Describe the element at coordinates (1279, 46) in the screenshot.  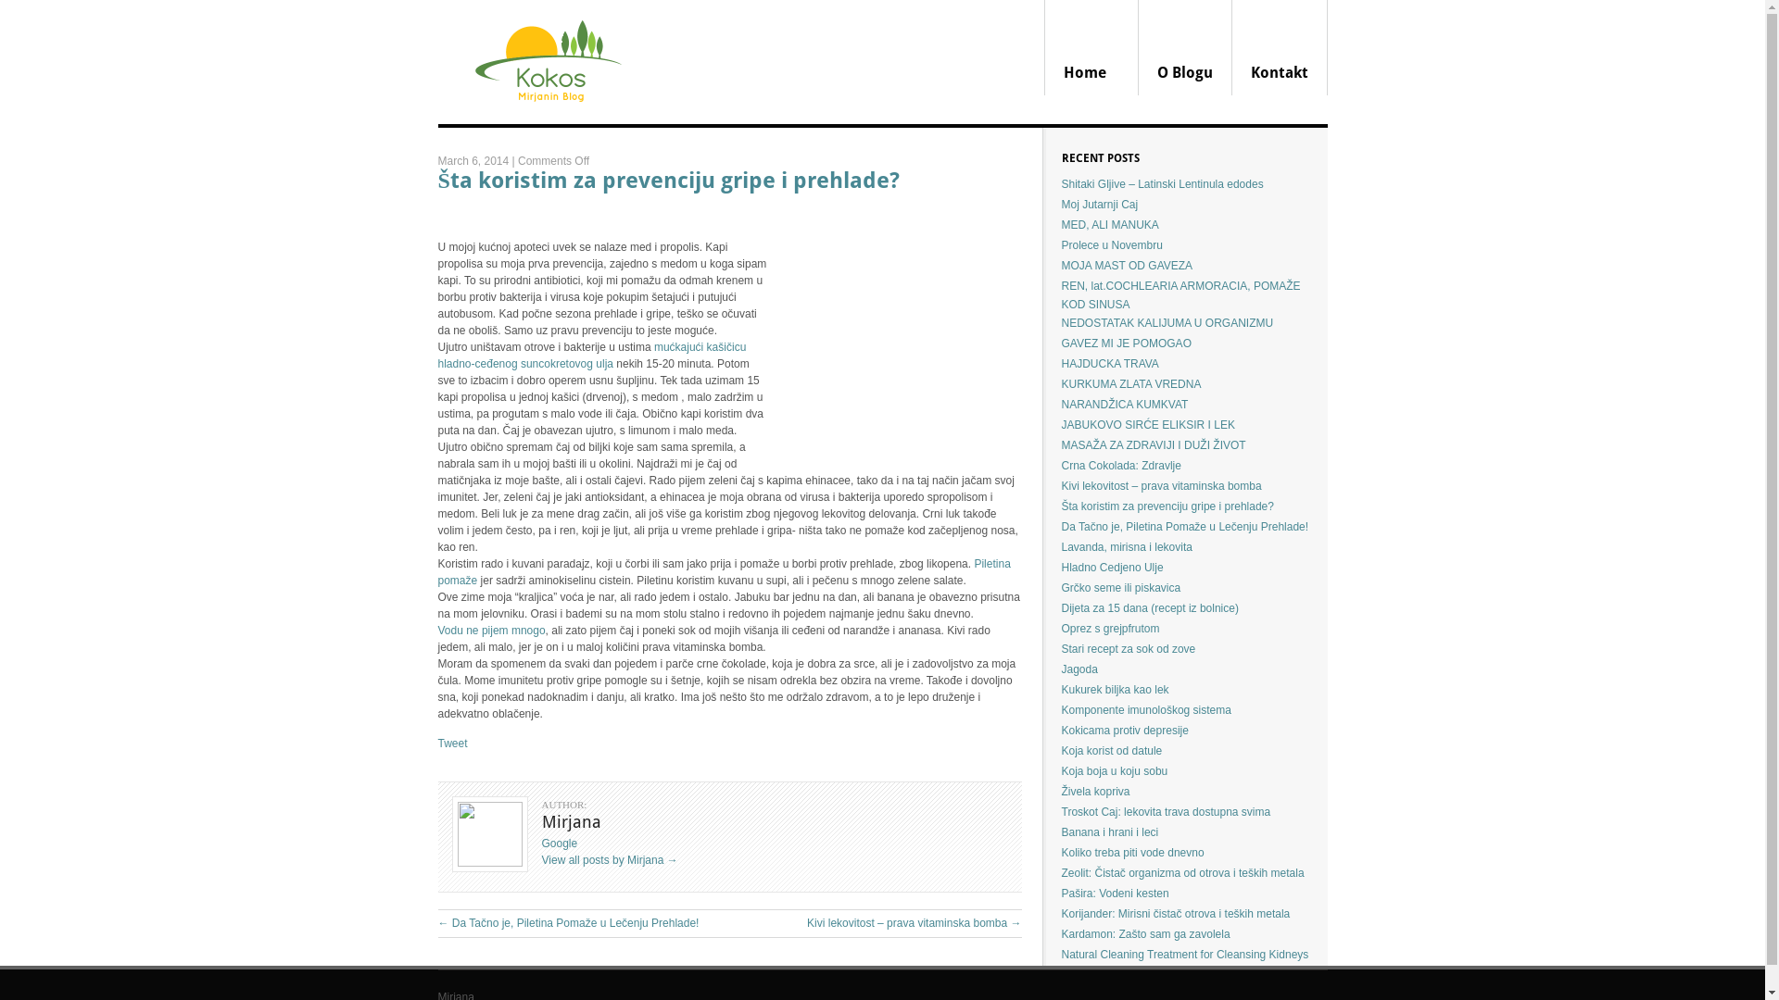
I see `'Kontakt'` at that location.